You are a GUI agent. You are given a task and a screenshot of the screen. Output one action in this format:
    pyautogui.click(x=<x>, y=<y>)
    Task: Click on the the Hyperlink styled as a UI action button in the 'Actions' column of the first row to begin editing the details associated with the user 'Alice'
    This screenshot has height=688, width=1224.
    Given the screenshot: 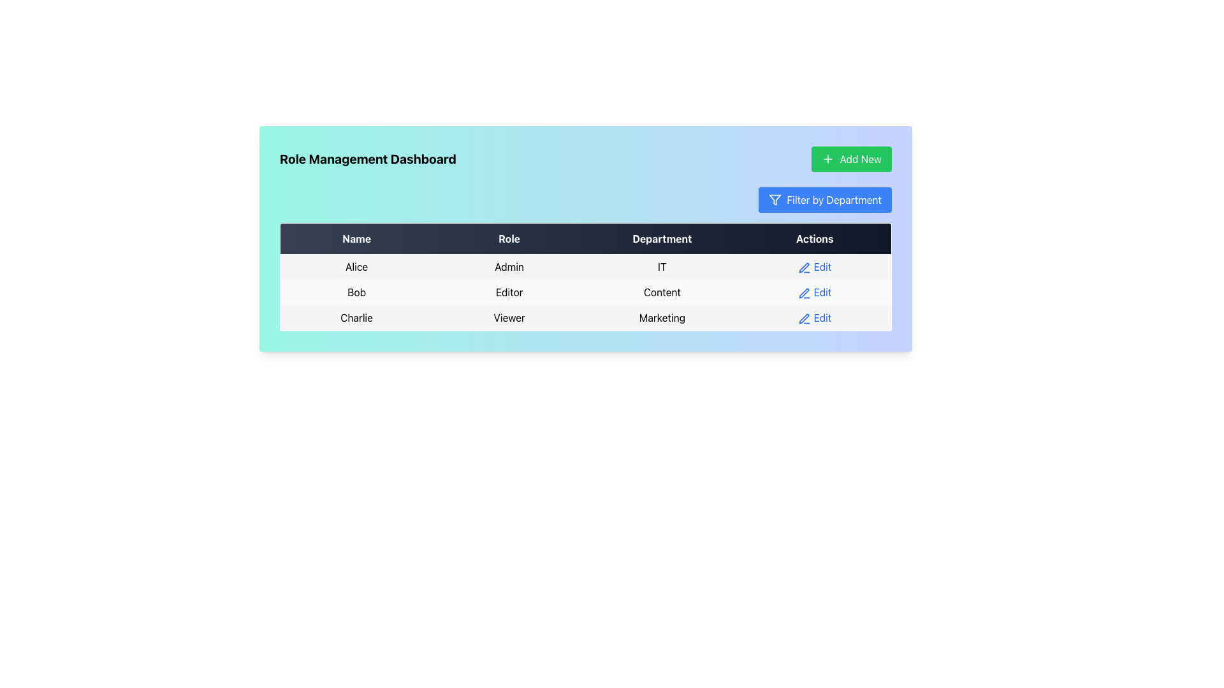 What is the action you would take?
    pyautogui.click(x=814, y=266)
    